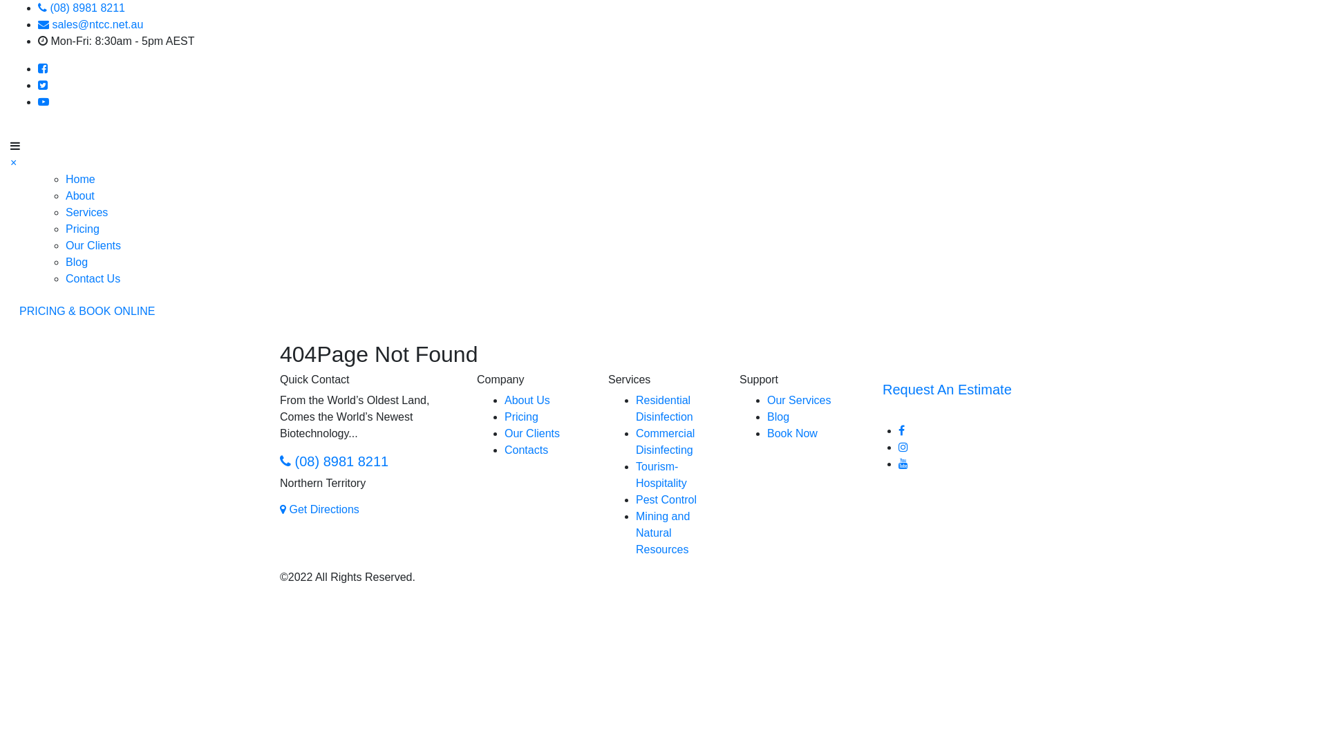  I want to click on '(08) 8981 8211', so click(279, 461).